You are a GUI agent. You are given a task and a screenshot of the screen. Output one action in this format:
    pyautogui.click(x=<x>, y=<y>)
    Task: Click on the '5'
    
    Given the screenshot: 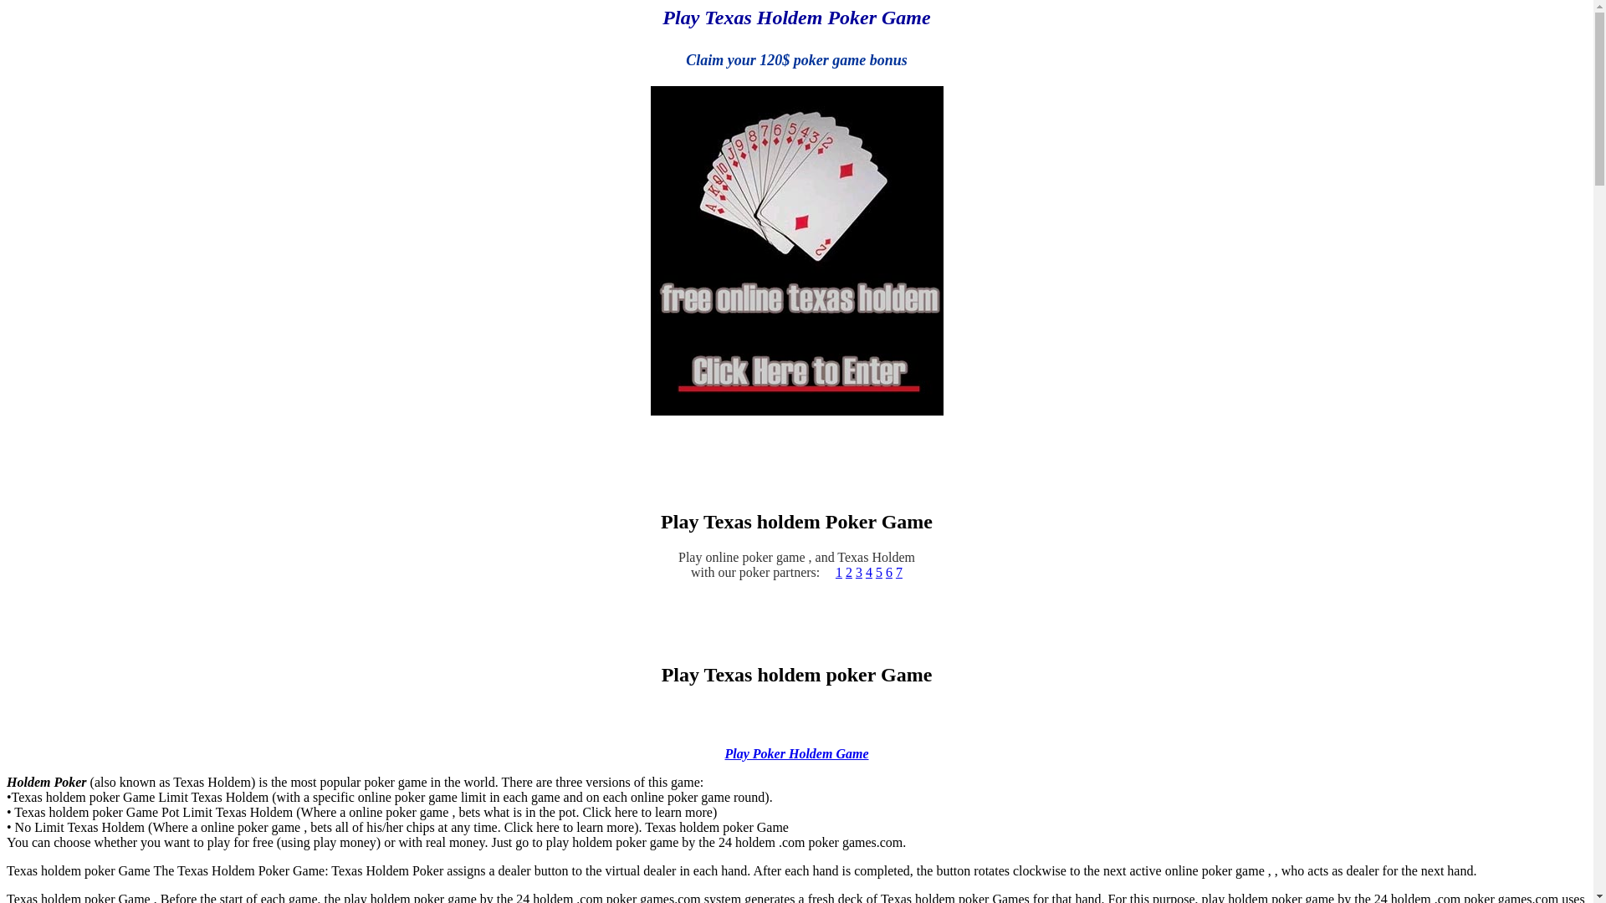 What is the action you would take?
    pyautogui.click(x=878, y=571)
    